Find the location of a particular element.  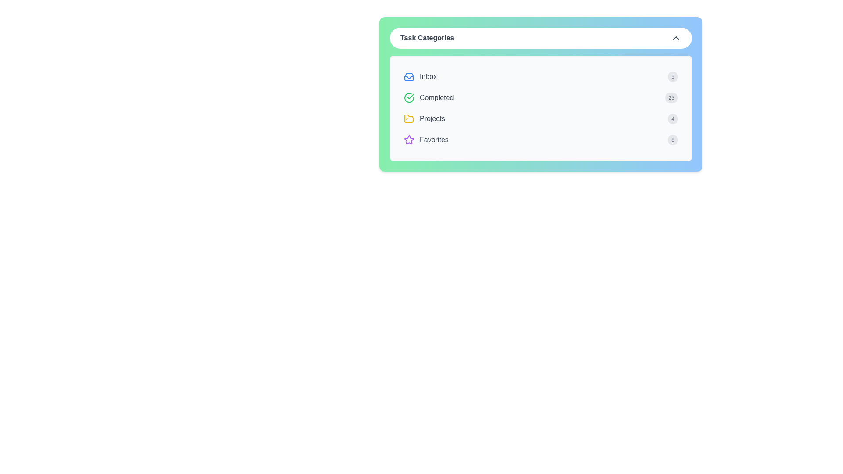

the green checkmark icon located in the second row of the 'Task Categories' list next to the text 'Completed' is located at coordinates (408, 98).